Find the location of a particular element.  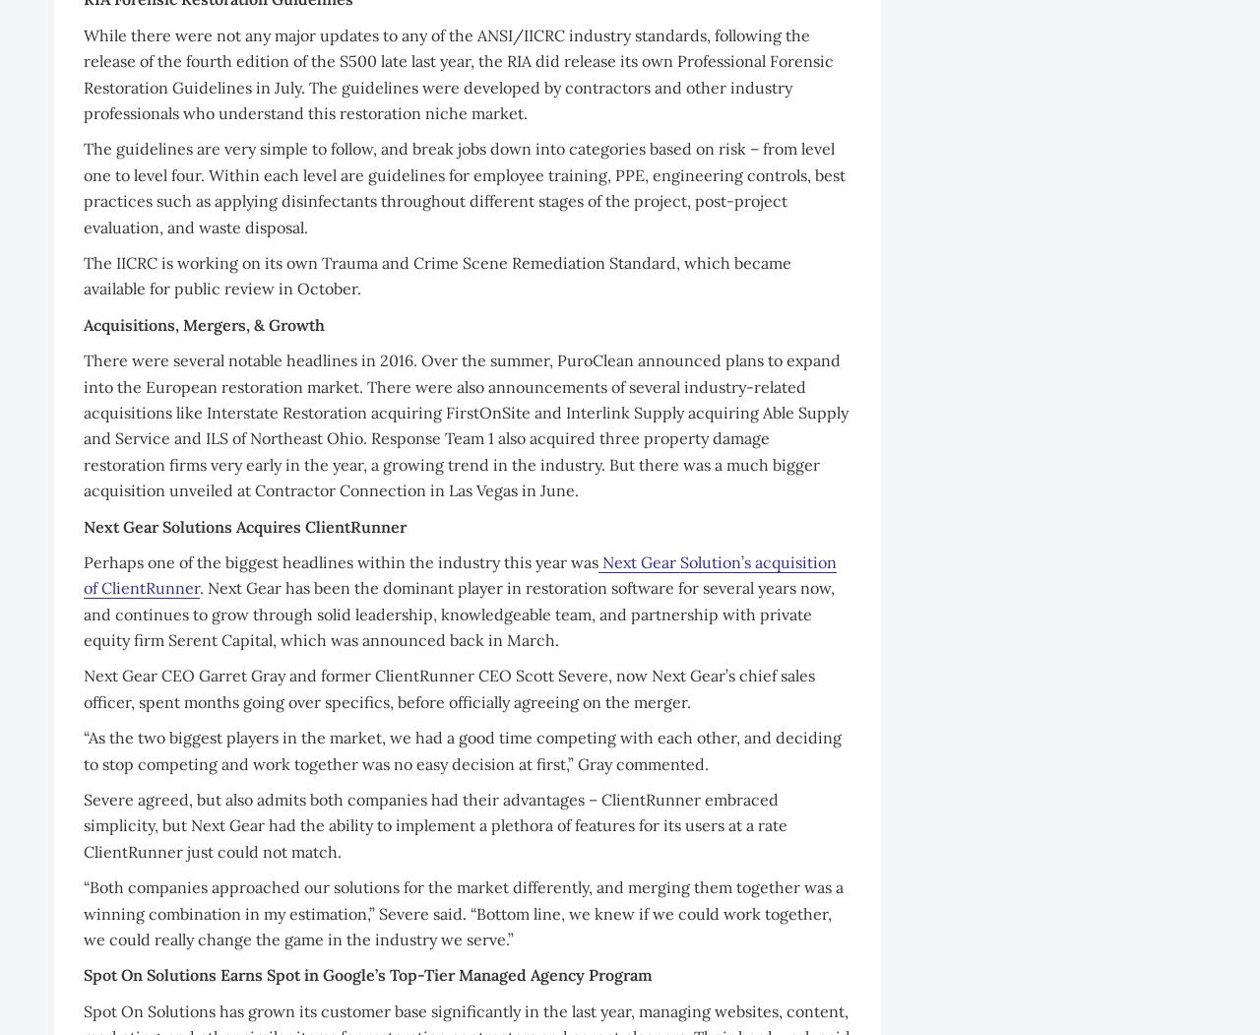

'Spot On Solutions Earns Spot in Google’s Top-Tier Managed Agency Program' is located at coordinates (368, 975).